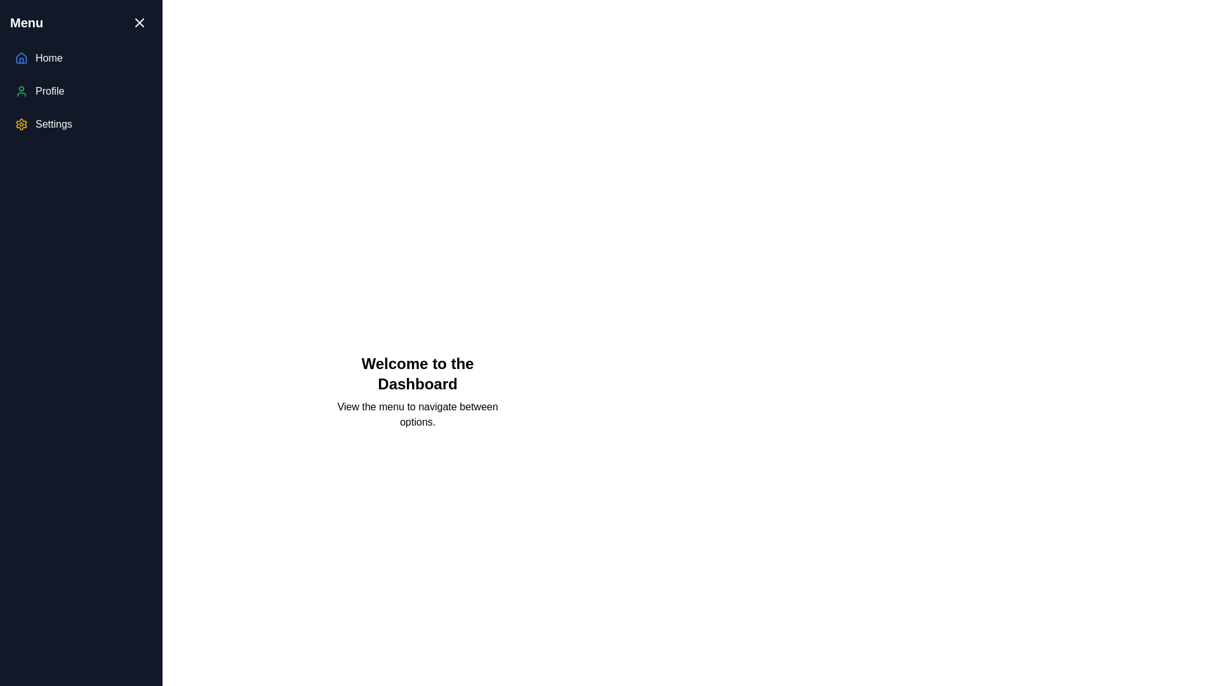 The width and height of the screenshot is (1219, 686). Describe the element at coordinates (21, 58) in the screenshot. I see `the 'Home' icon located at the top of the sidebar menu` at that location.